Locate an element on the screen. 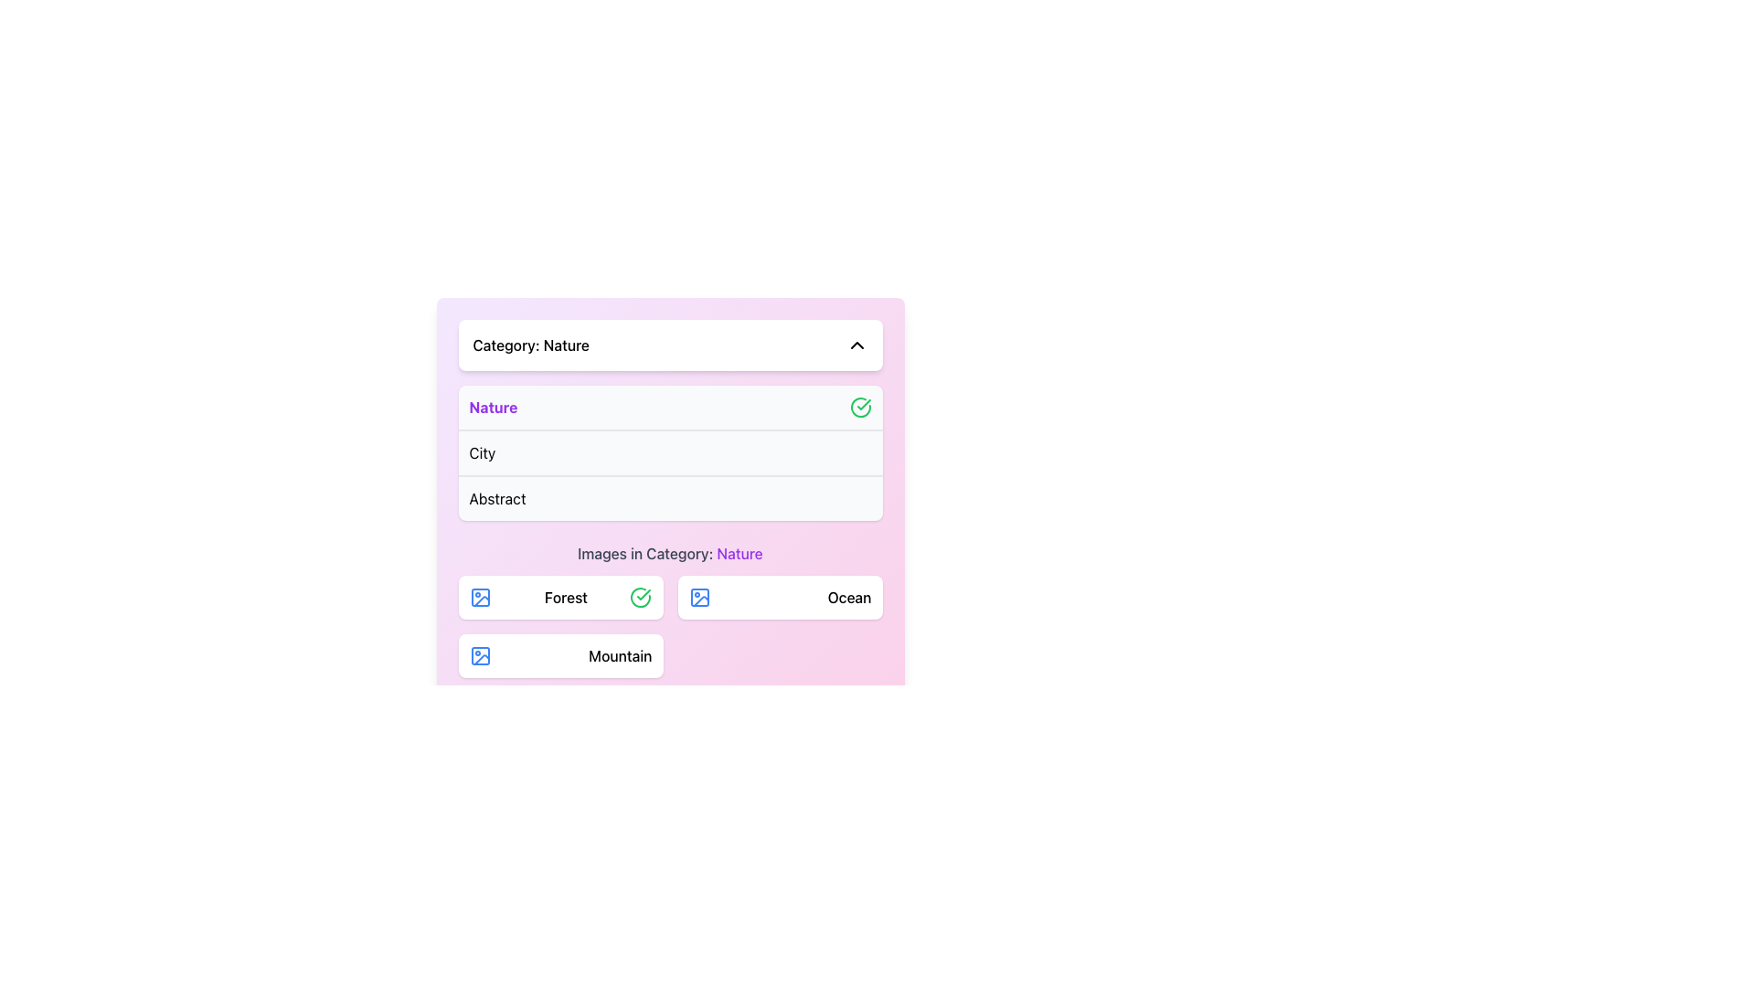  to select the 'Forest' category option in the 'Images in Category: Nature' section, which is the first selectable item in a two-column grid layout is located at coordinates (559, 598).